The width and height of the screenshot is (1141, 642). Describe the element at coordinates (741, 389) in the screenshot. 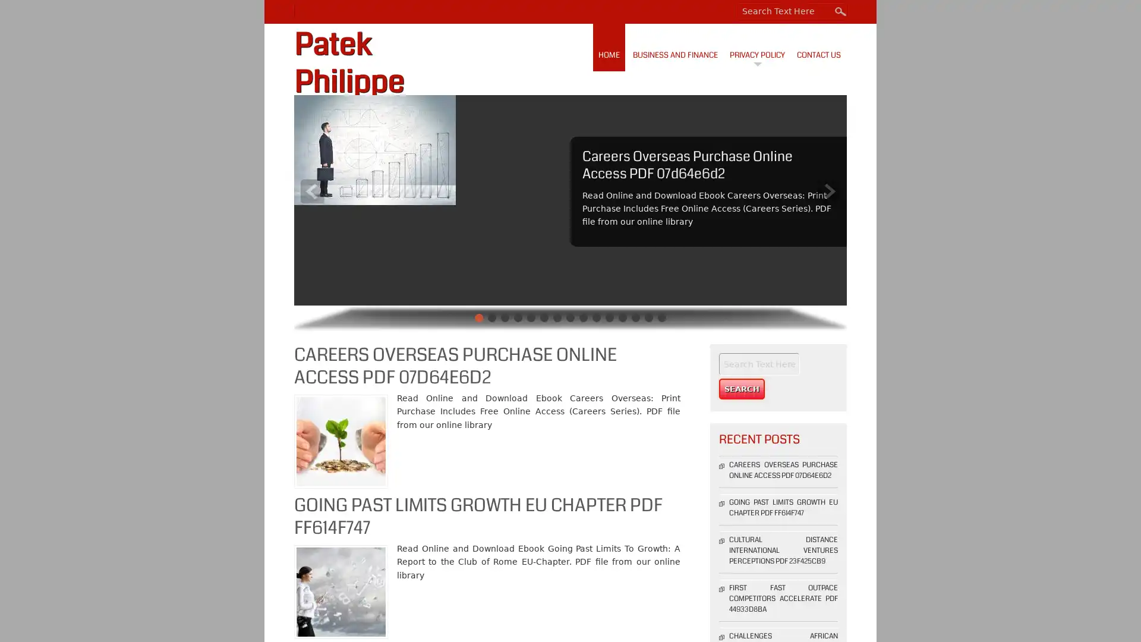

I see `Search` at that location.